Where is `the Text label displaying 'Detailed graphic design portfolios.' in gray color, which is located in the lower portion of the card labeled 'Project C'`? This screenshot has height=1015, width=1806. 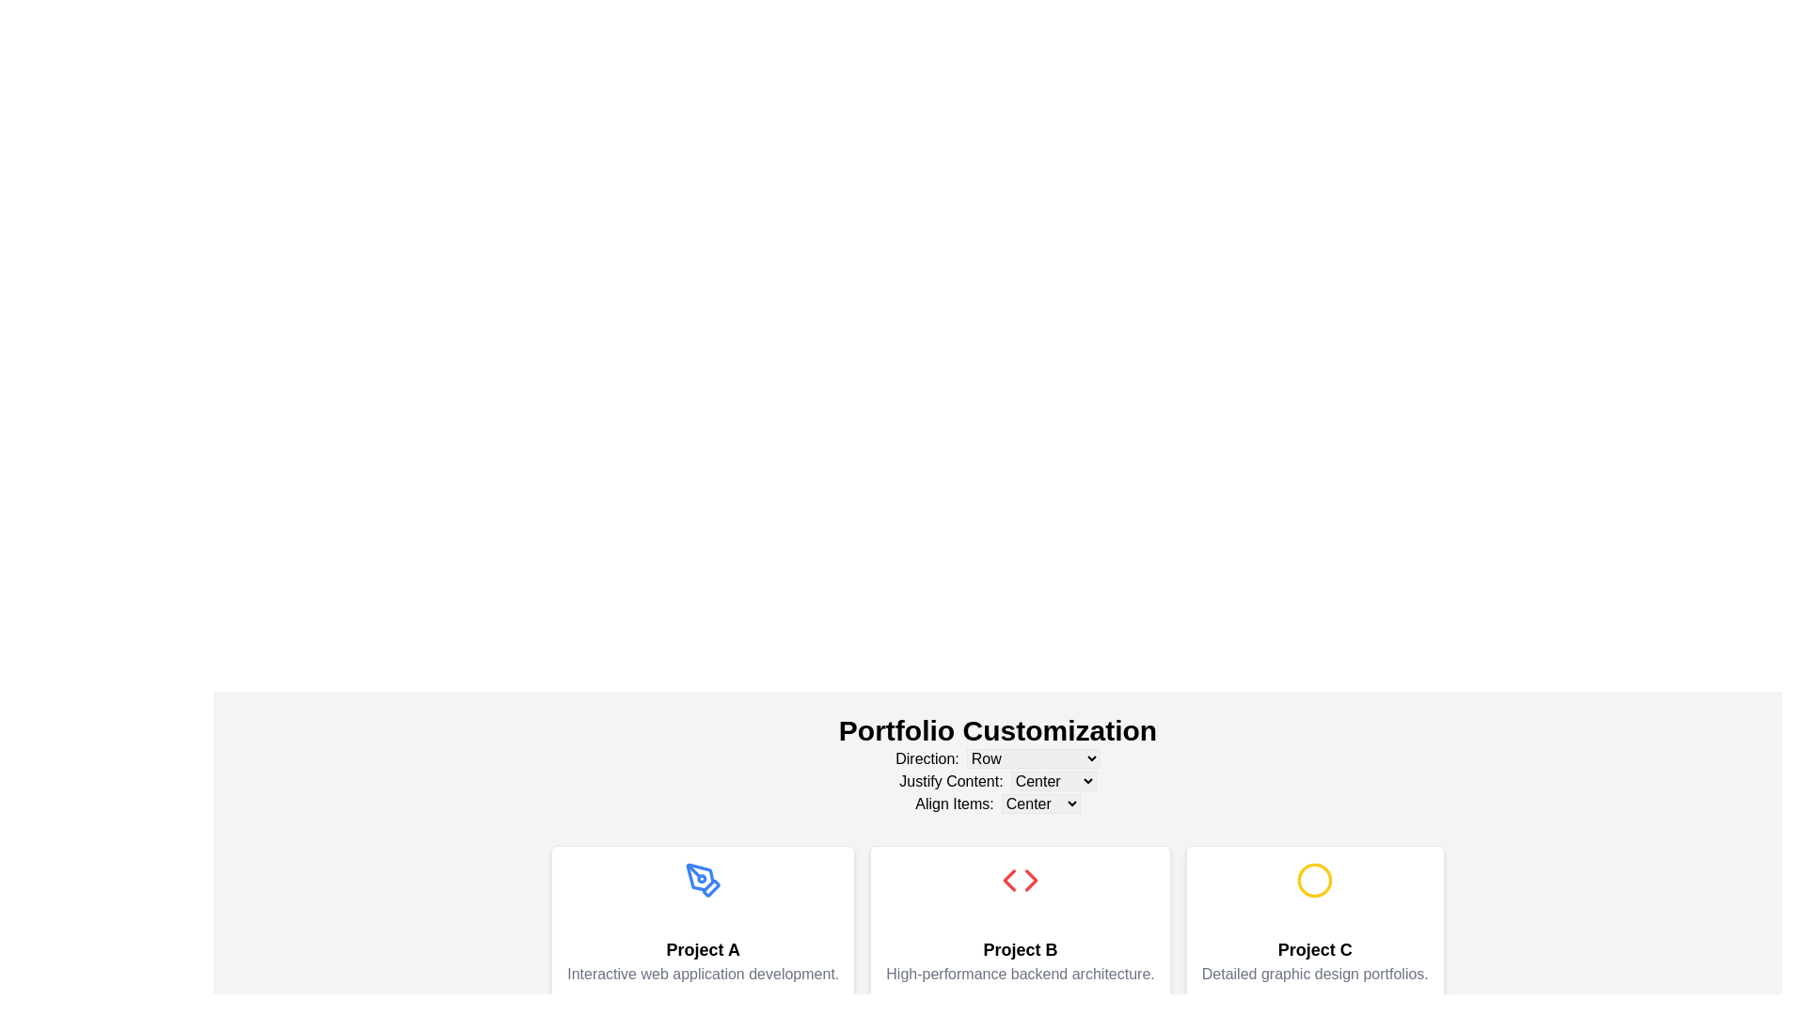 the Text label displaying 'Detailed graphic design portfolios.' in gray color, which is located in the lower portion of the card labeled 'Project C' is located at coordinates (1314, 974).